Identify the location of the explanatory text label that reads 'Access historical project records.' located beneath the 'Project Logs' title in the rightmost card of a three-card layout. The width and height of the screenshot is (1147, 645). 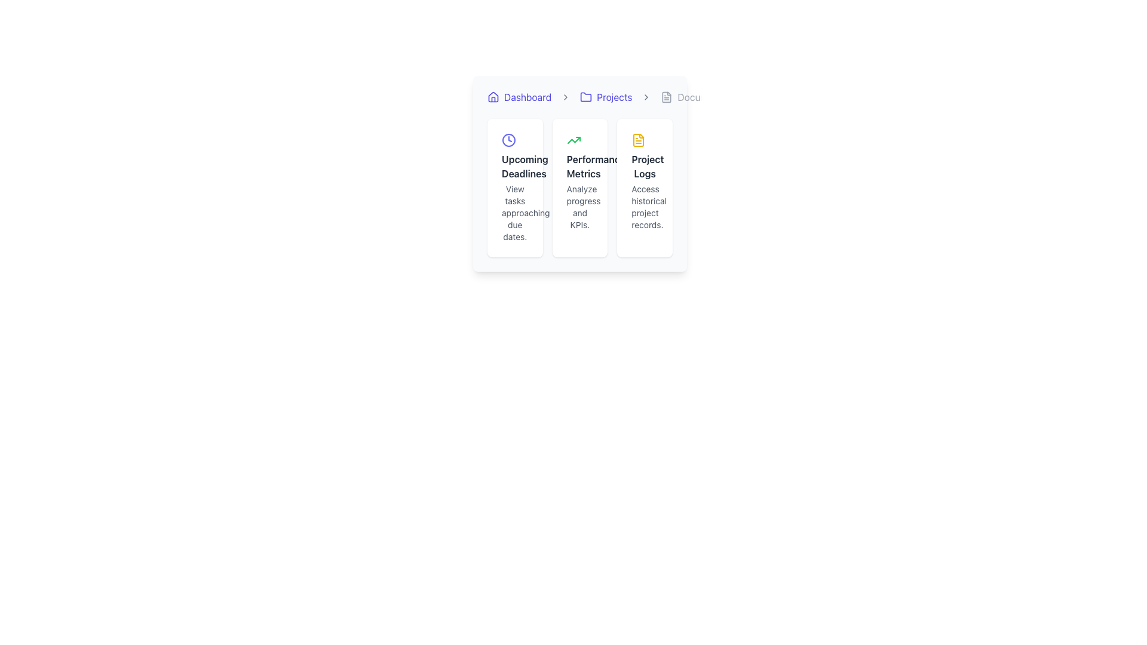
(644, 207).